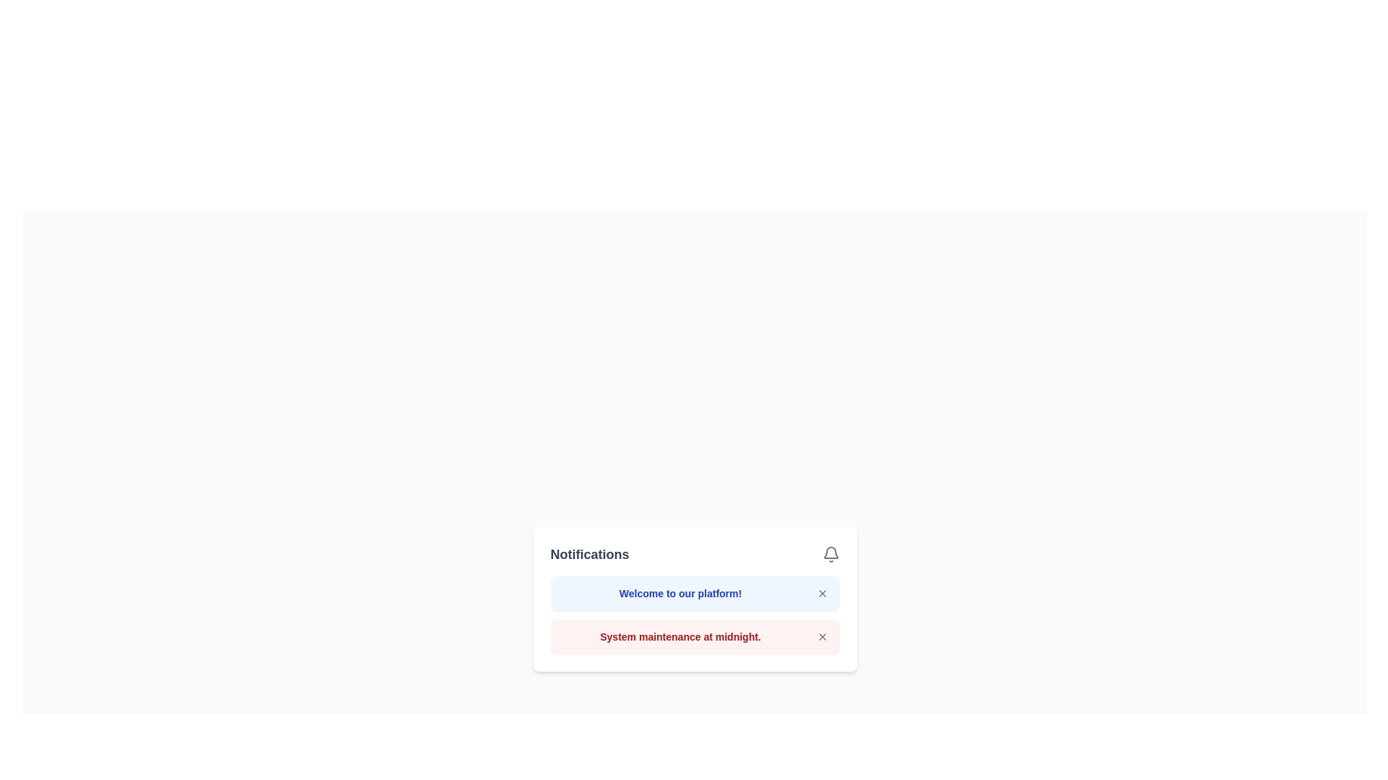 Image resolution: width=1388 pixels, height=780 pixels. Describe the element at coordinates (680, 636) in the screenshot. I see `text content of the notification label displaying 'System maintenance at midnight.' which is styled in bold red font on a light red background` at that location.